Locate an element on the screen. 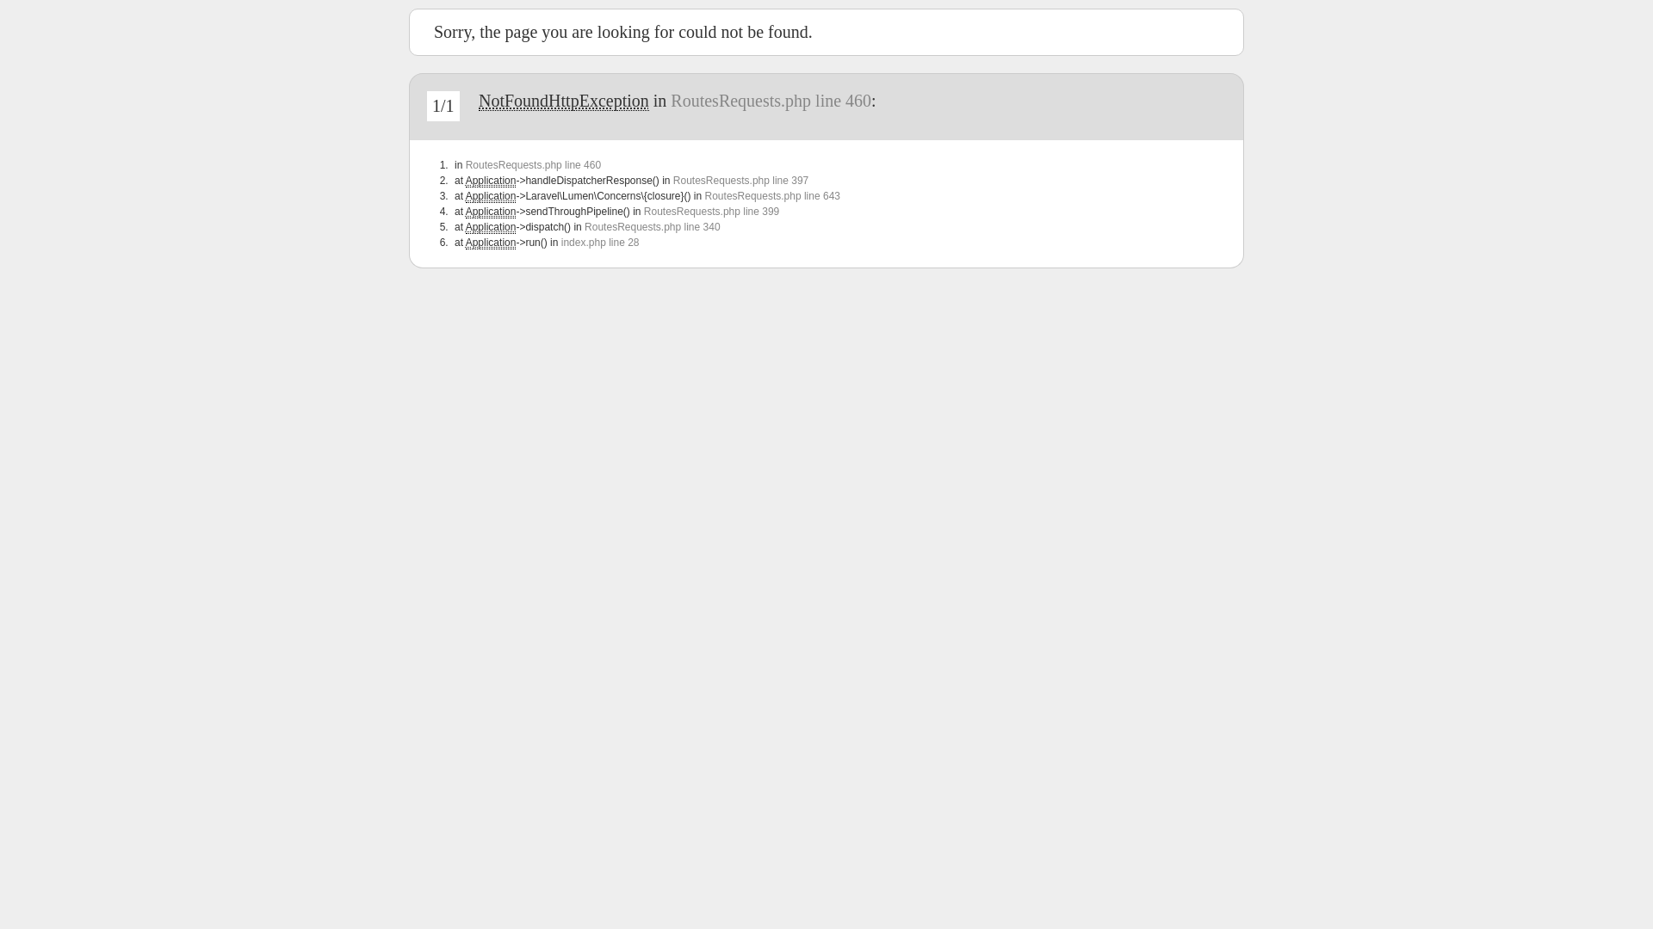 The image size is (1653, 929). 'RoutesRequests.php line 643' is located at coordinates (771, 194).